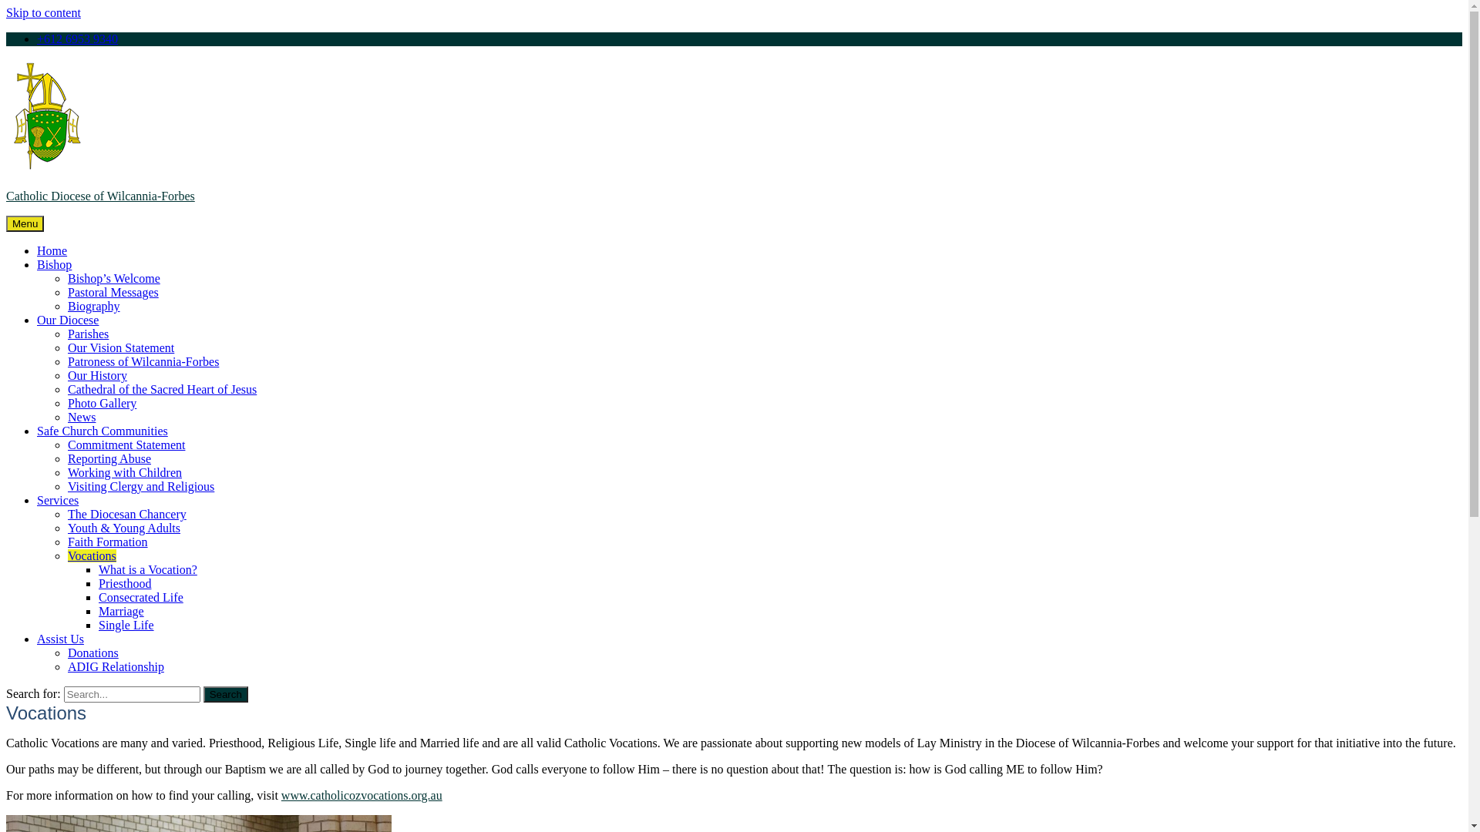  What do you see at coordinates (140, 596) in the screenshot?
I see `'Consecrated Life'` at bounding box center [140, 596].